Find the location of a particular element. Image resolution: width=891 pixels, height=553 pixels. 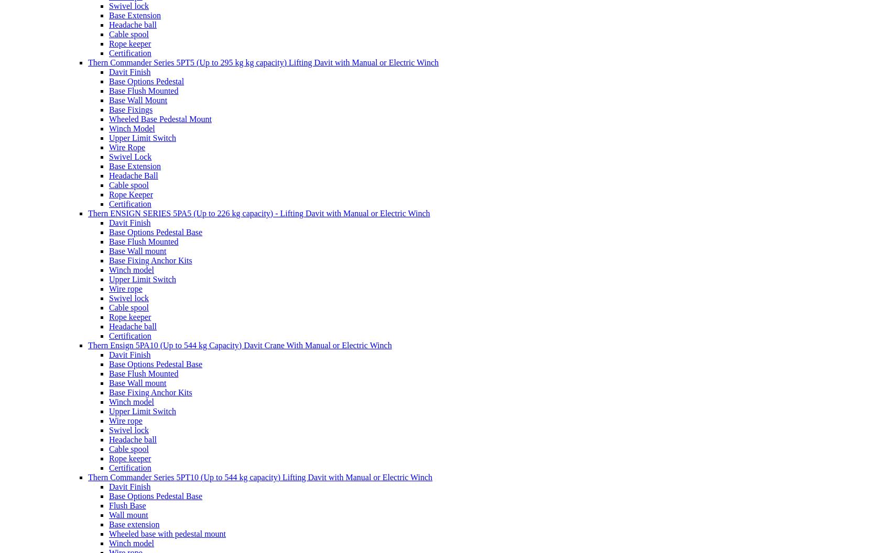

'Base Wall Mount' is located at coordinates (108, 99).